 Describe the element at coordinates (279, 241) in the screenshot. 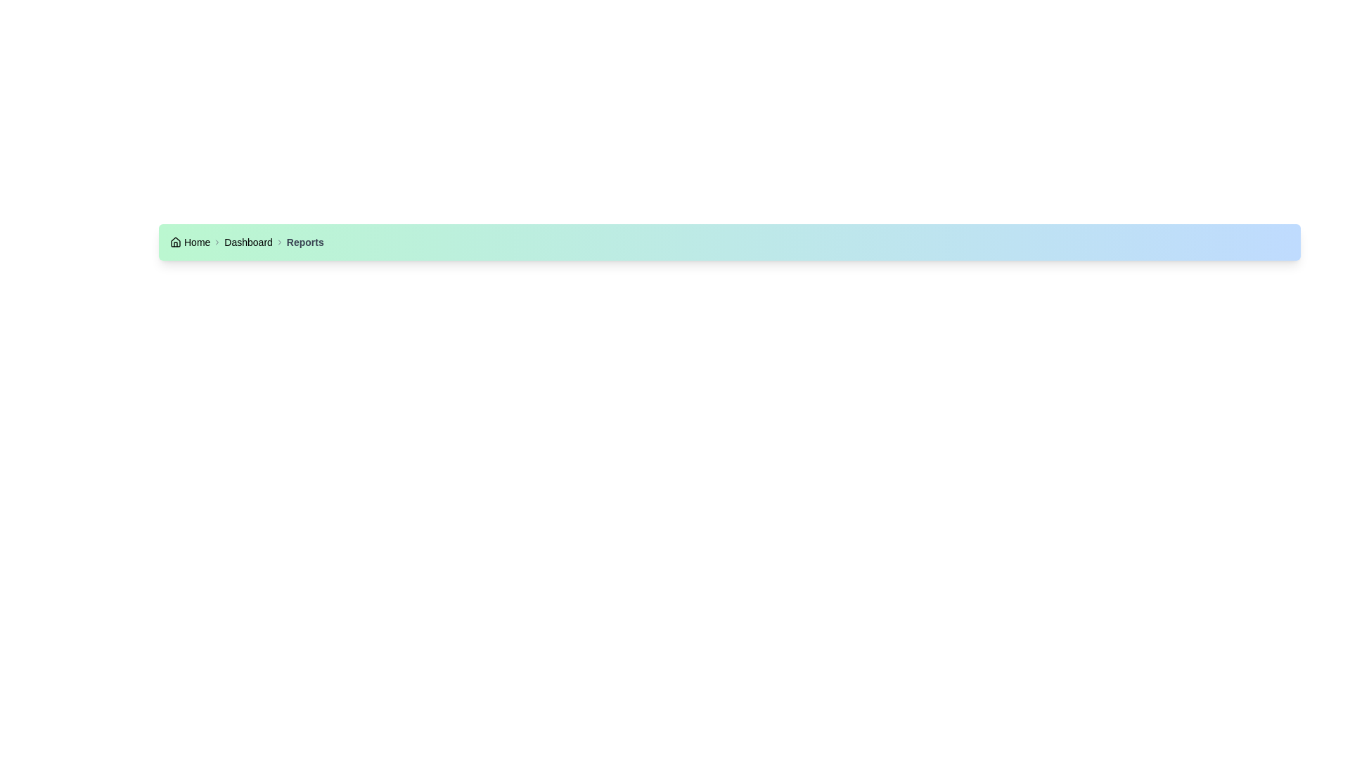

I see `the rightward-pointing chevron icon in the breadcrumb navigation bar, which is positioned between the 'Dashboard' and 'Reports' labels` at that location.